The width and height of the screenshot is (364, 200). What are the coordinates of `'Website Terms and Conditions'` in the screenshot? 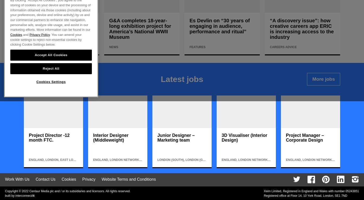 It's located at (101, 179).